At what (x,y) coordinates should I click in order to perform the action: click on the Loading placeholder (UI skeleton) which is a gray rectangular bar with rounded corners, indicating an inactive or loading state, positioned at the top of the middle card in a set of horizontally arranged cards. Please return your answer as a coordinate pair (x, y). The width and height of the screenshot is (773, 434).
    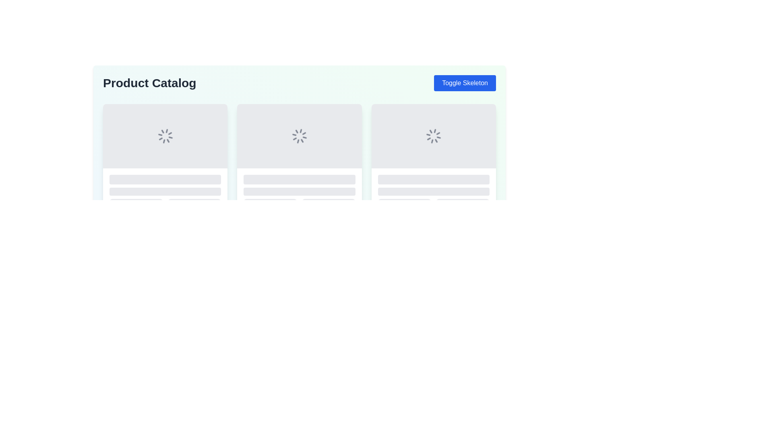
    Looking at the image, I should click on (433, 179).